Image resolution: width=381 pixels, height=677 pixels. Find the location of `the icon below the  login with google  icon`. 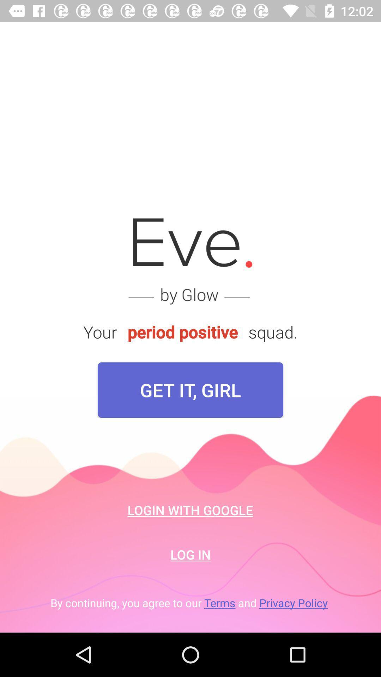

the icon below the  login with google  icon is located at coordinates (190, 554).